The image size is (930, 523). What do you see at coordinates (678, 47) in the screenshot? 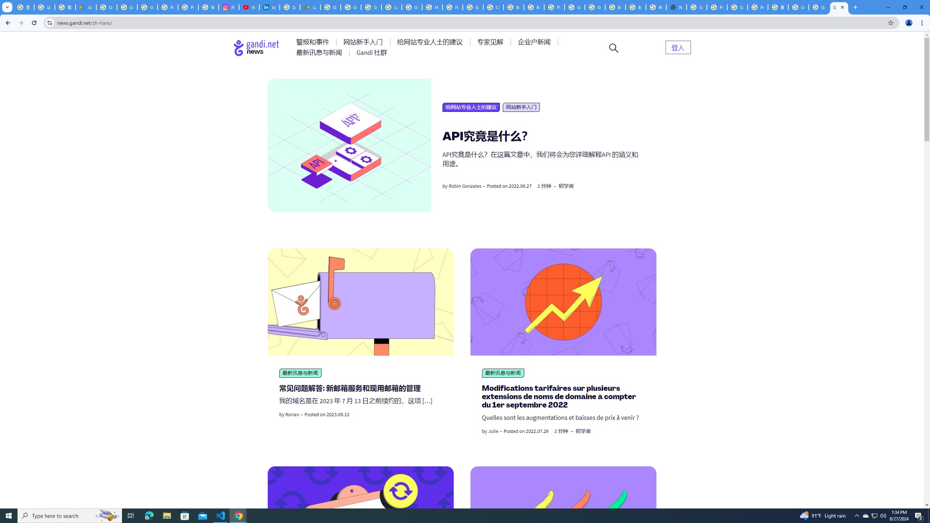
I see `'AutomationID: menu-item-82399'` at bounding box center [678, 47].